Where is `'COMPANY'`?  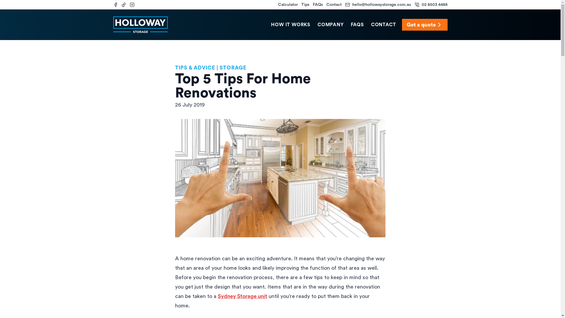
'COMPANY' is located at coordinates (317, 24).